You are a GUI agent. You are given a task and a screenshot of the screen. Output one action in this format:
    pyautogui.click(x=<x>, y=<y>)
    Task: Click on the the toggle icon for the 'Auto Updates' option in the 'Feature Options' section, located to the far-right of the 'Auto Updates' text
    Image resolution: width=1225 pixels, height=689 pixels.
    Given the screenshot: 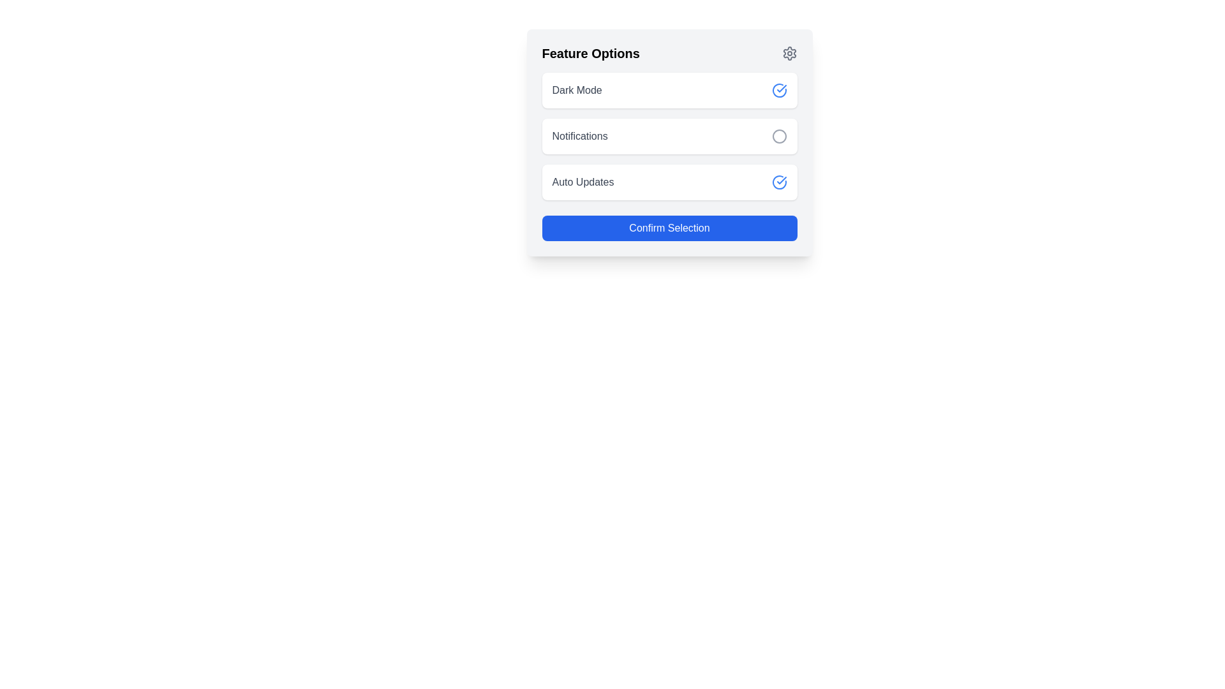 What is the action you would take?
    pyautogui.click(x=778, y=182)
    